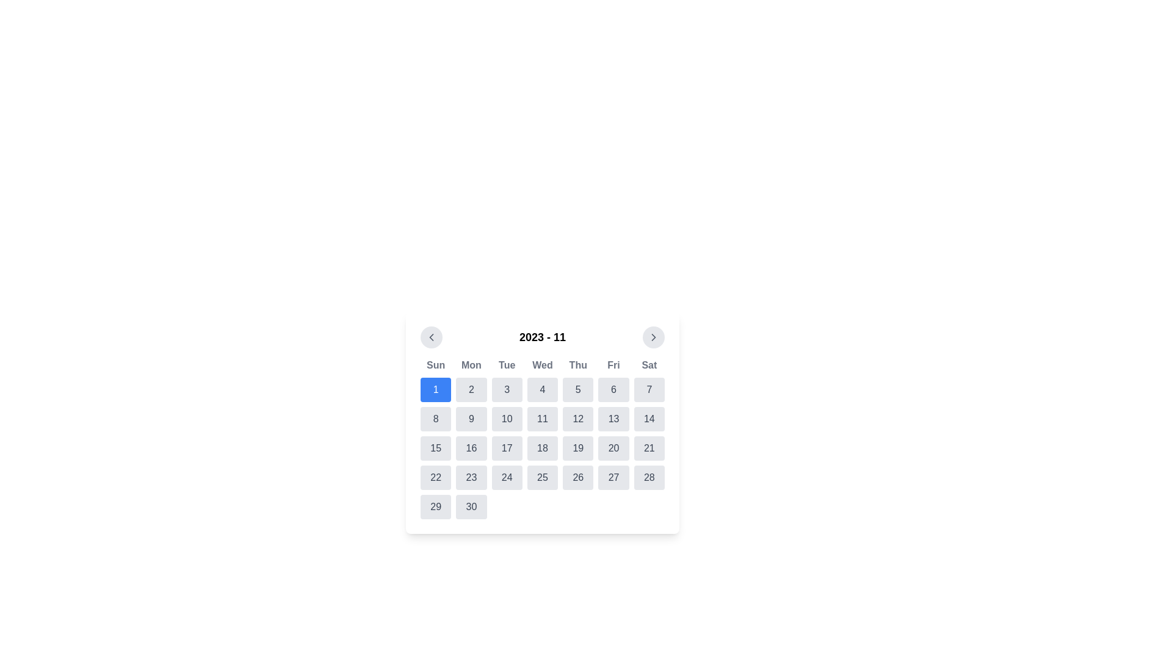 This screenshot has width=1172, height=659. What do you see at coordinates (541, 337) in the screenshot?
I see `the bold text label displaying the date range '2023 - 11' at the top of the calendar widget` at bounding box center [541, 337].